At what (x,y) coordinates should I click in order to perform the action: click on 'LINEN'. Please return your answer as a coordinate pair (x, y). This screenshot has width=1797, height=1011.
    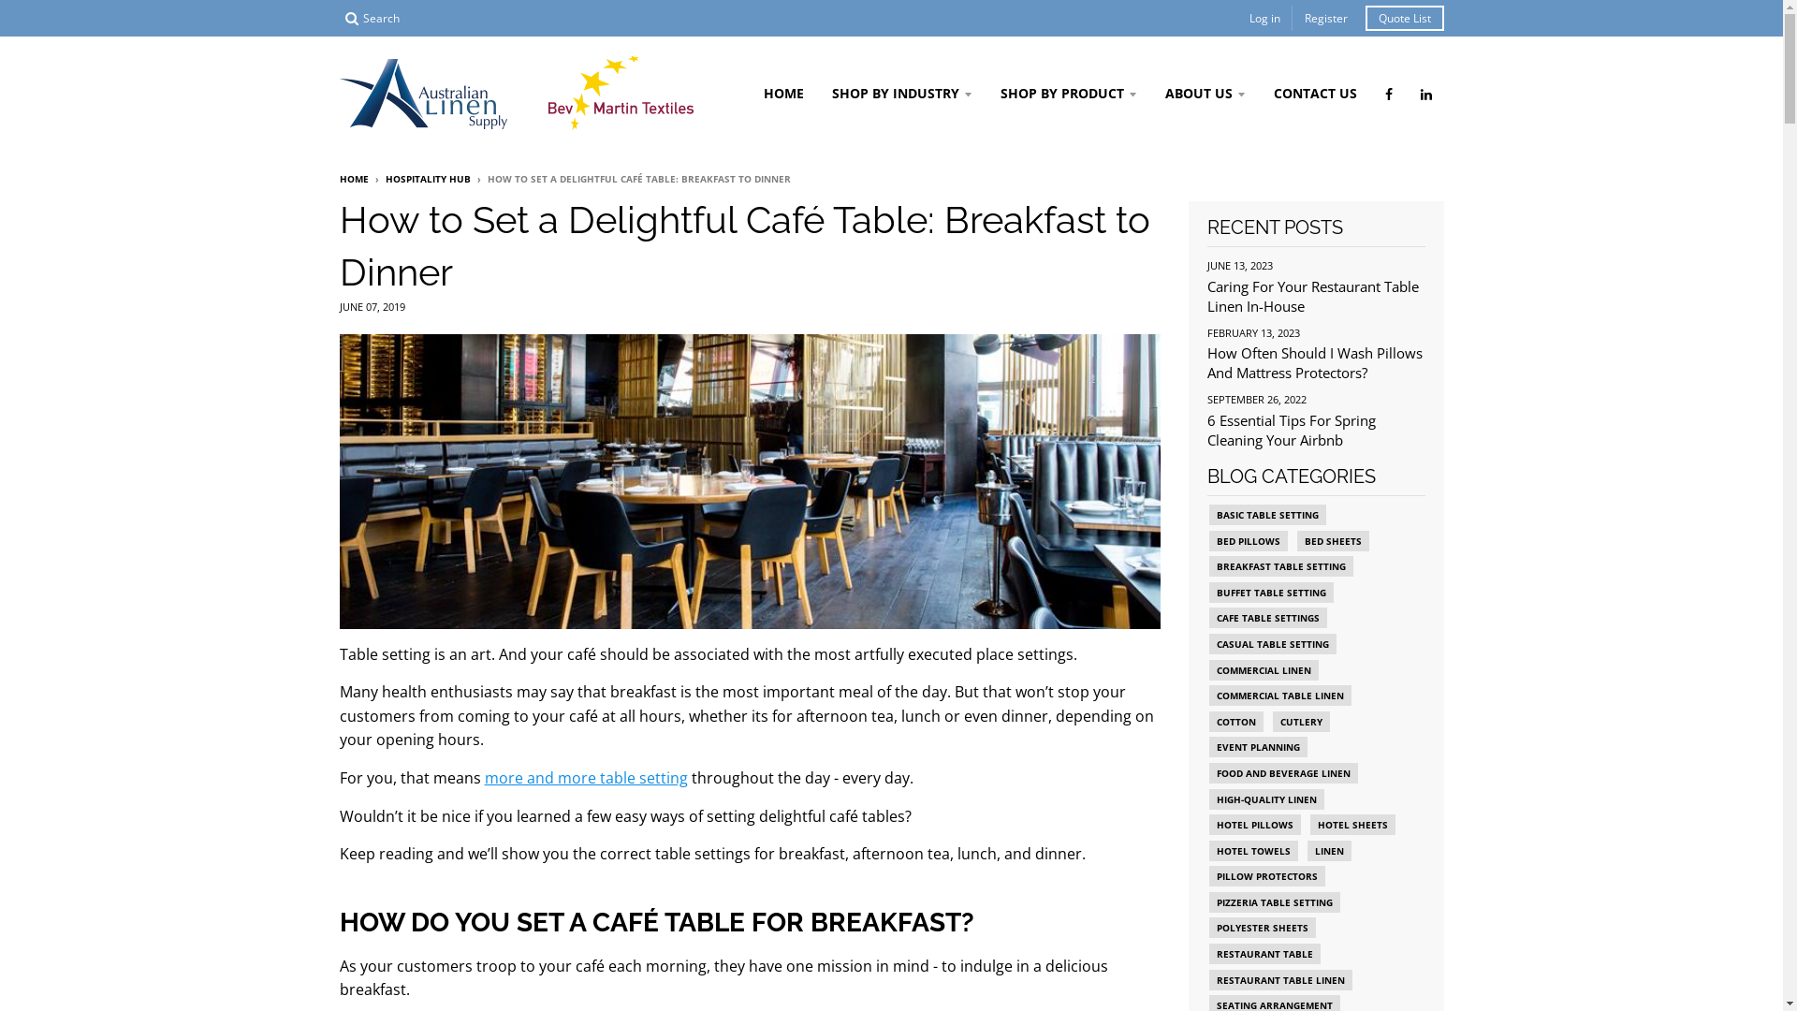
    Looking at the image, I should click on (1328, 851).